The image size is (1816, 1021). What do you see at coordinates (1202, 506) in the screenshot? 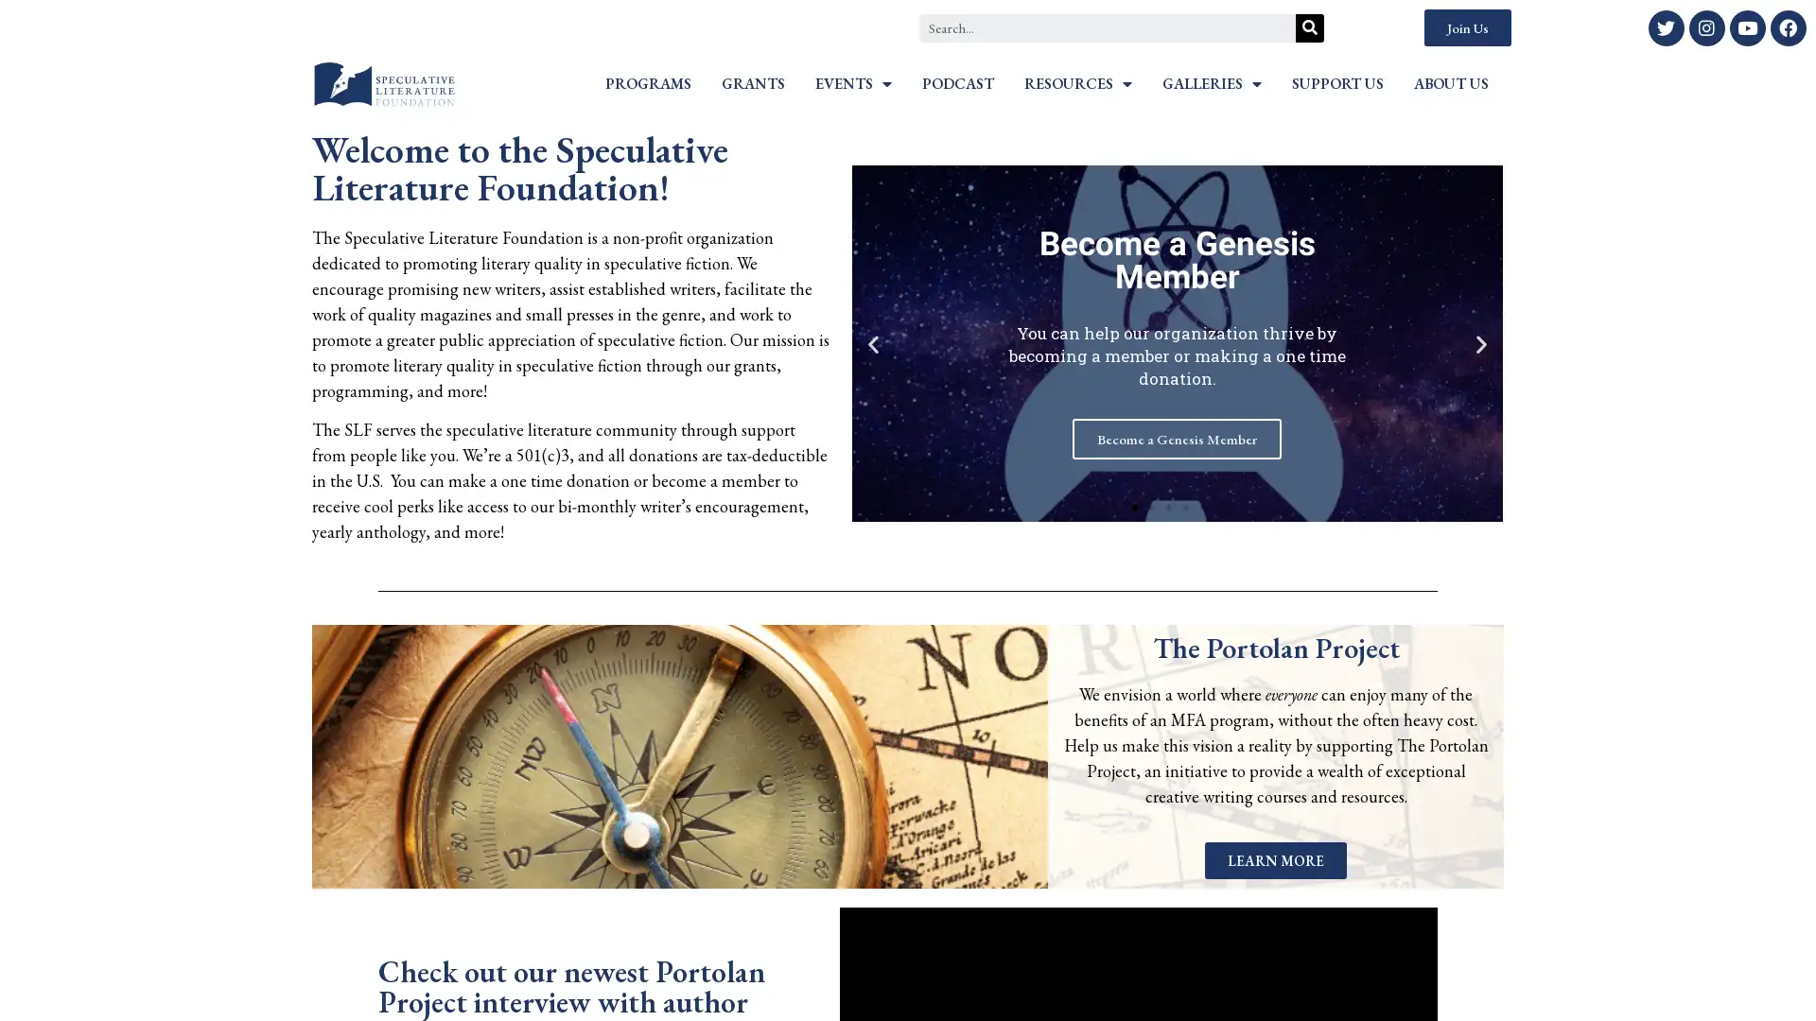
I see `Go to slide 5` at bounding box center [1202, 506].